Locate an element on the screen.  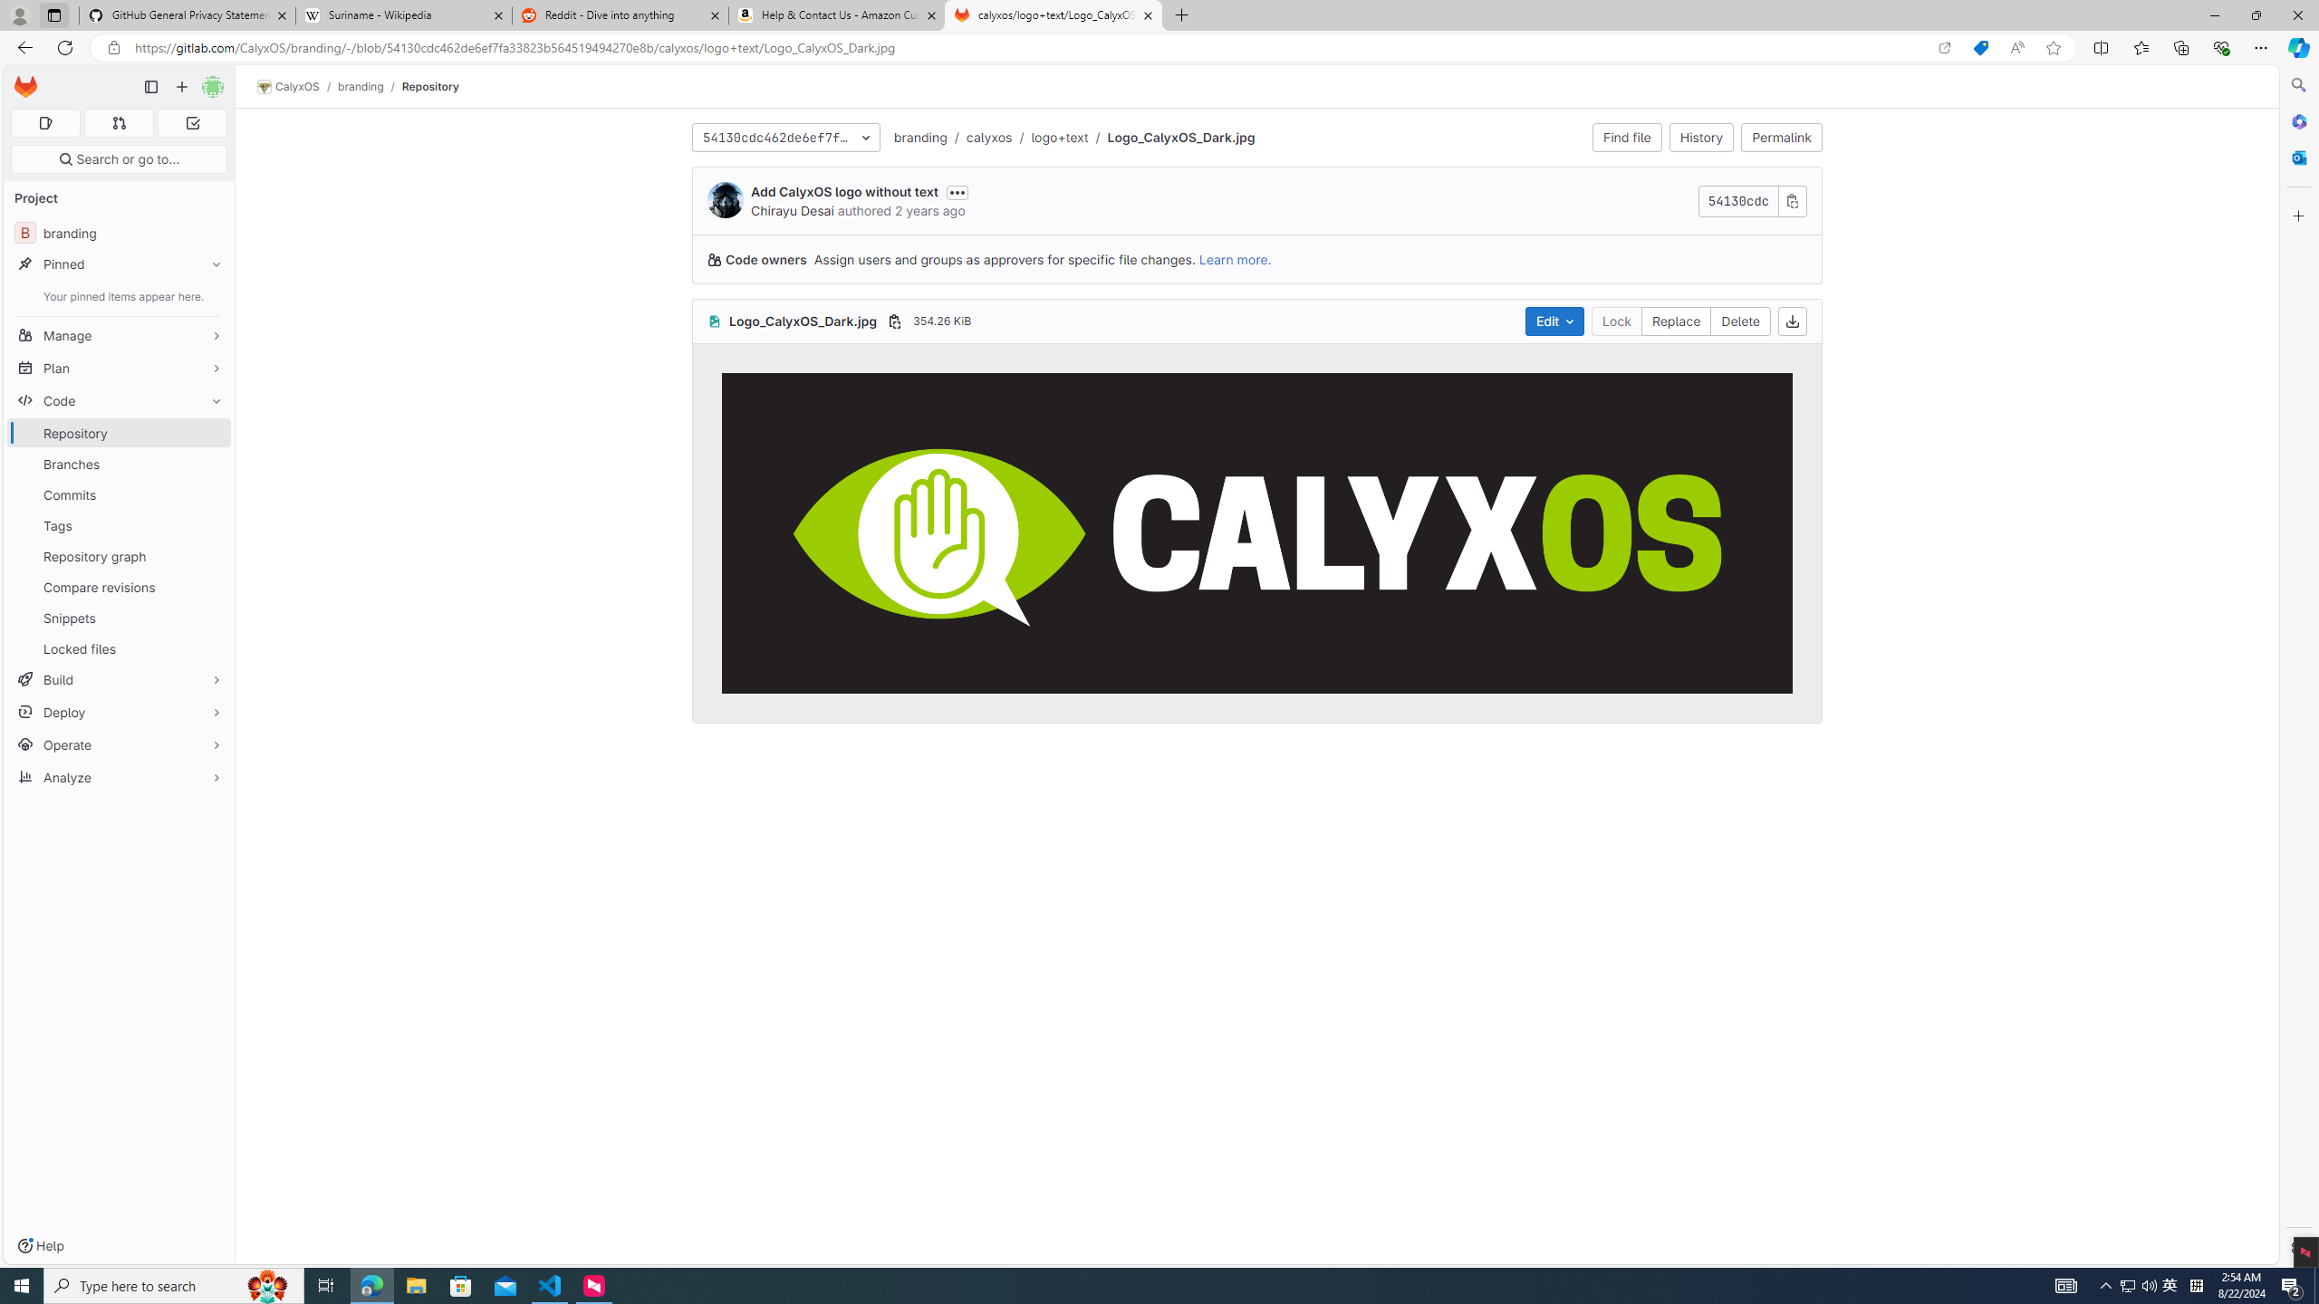
'Pin Branches' is located at coordinates (211, 464).